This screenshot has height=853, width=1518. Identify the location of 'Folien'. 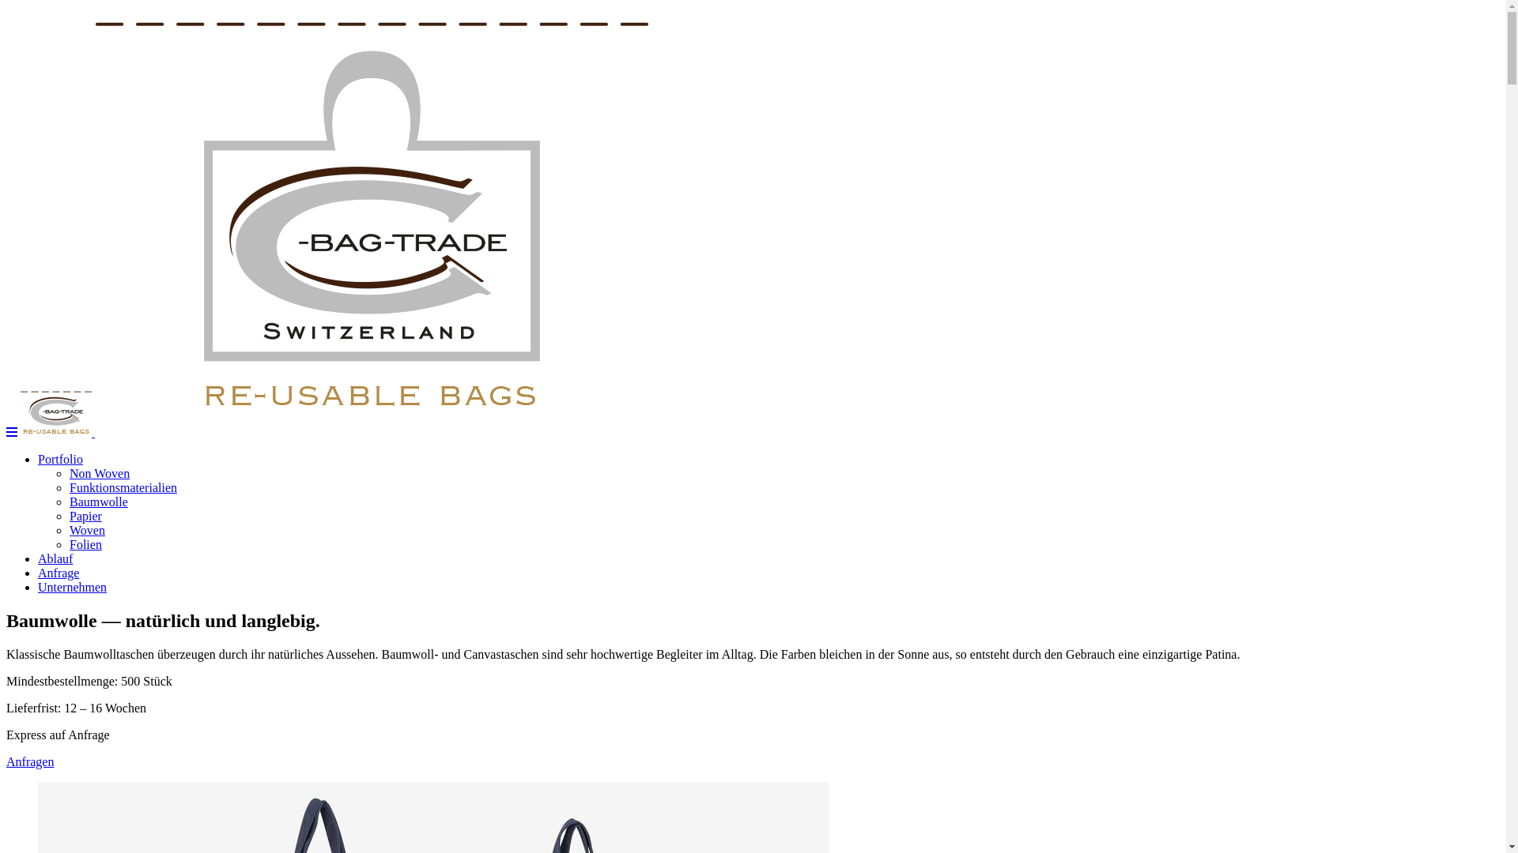
(68, 543).